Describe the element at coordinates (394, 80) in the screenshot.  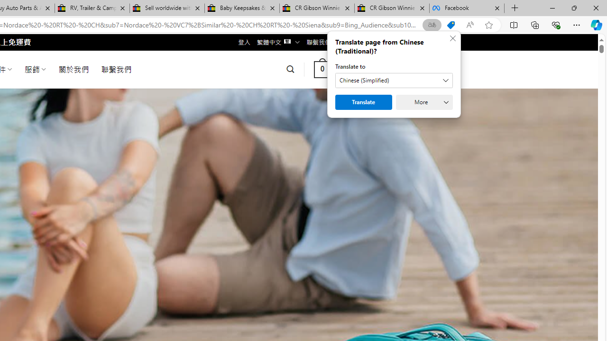
I see `'Translate to'` at that location.